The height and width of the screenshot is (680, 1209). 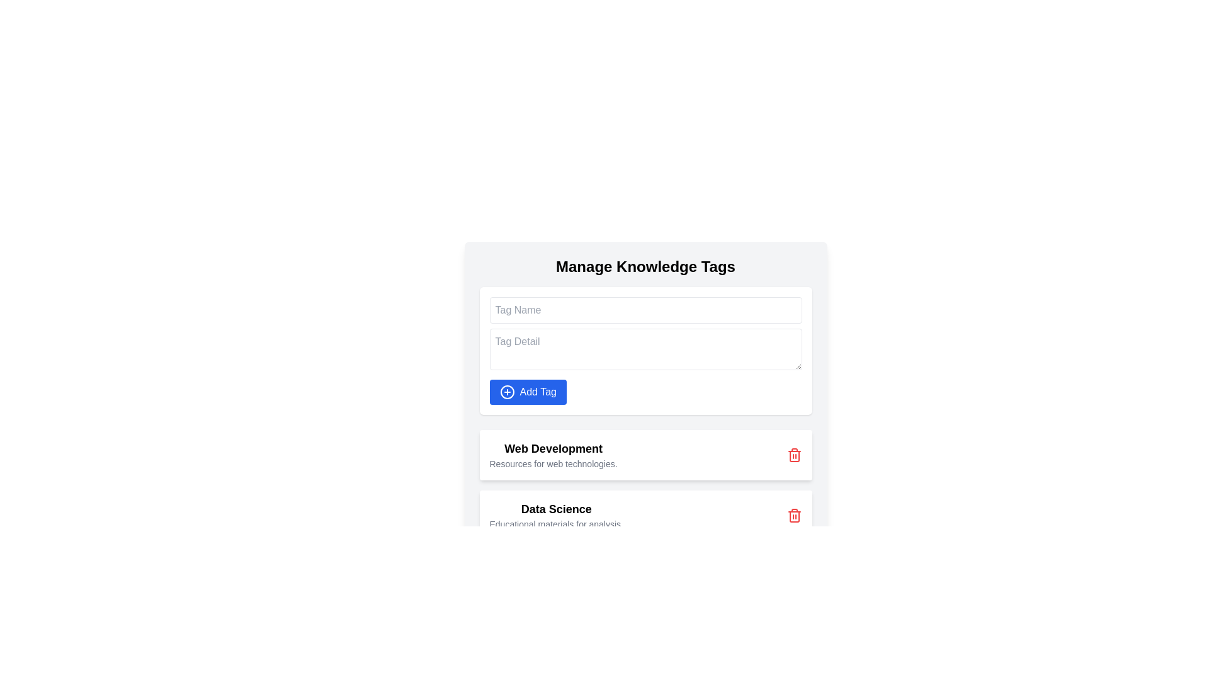 I want to click on the static text label that reads 'Data Science', which is styled in bold black text and serves as a primary label above its sibling text element, so click(x=555, y=509).